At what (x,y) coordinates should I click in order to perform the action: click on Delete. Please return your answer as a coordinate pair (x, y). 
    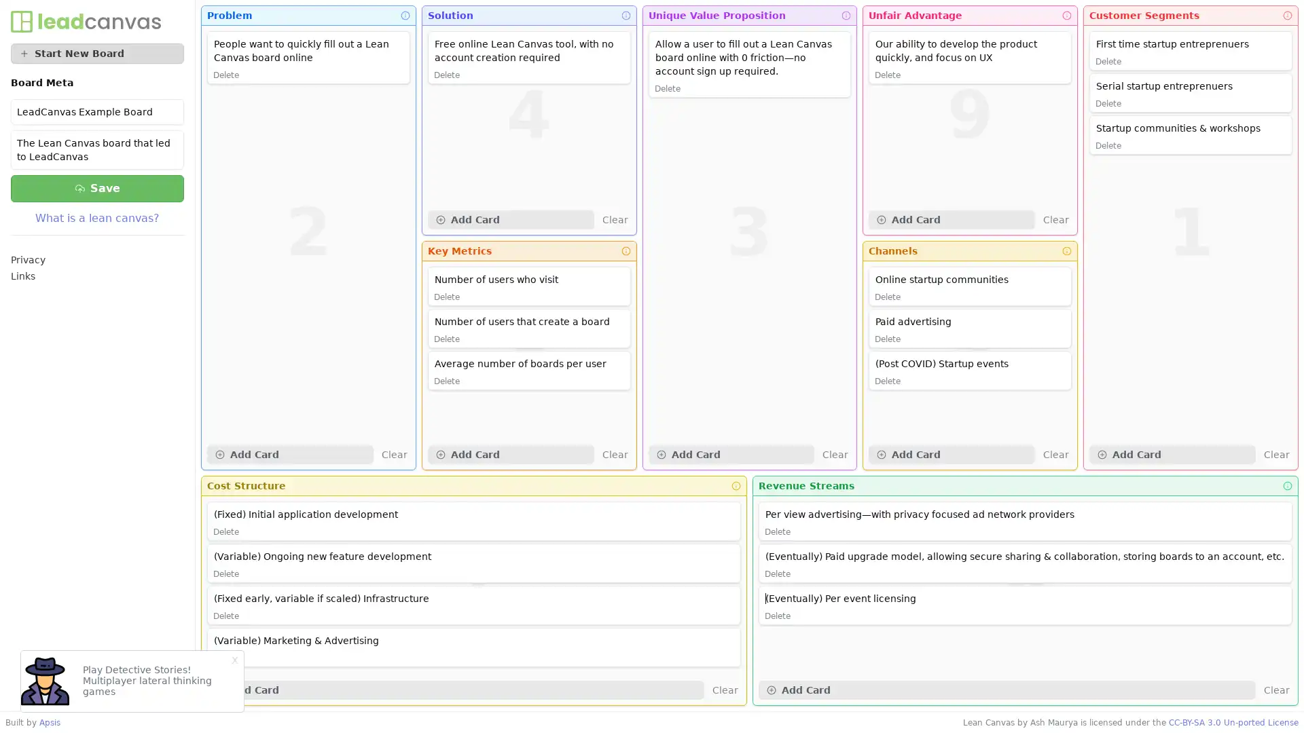
    Looking at the image, I should click on (225, 657).